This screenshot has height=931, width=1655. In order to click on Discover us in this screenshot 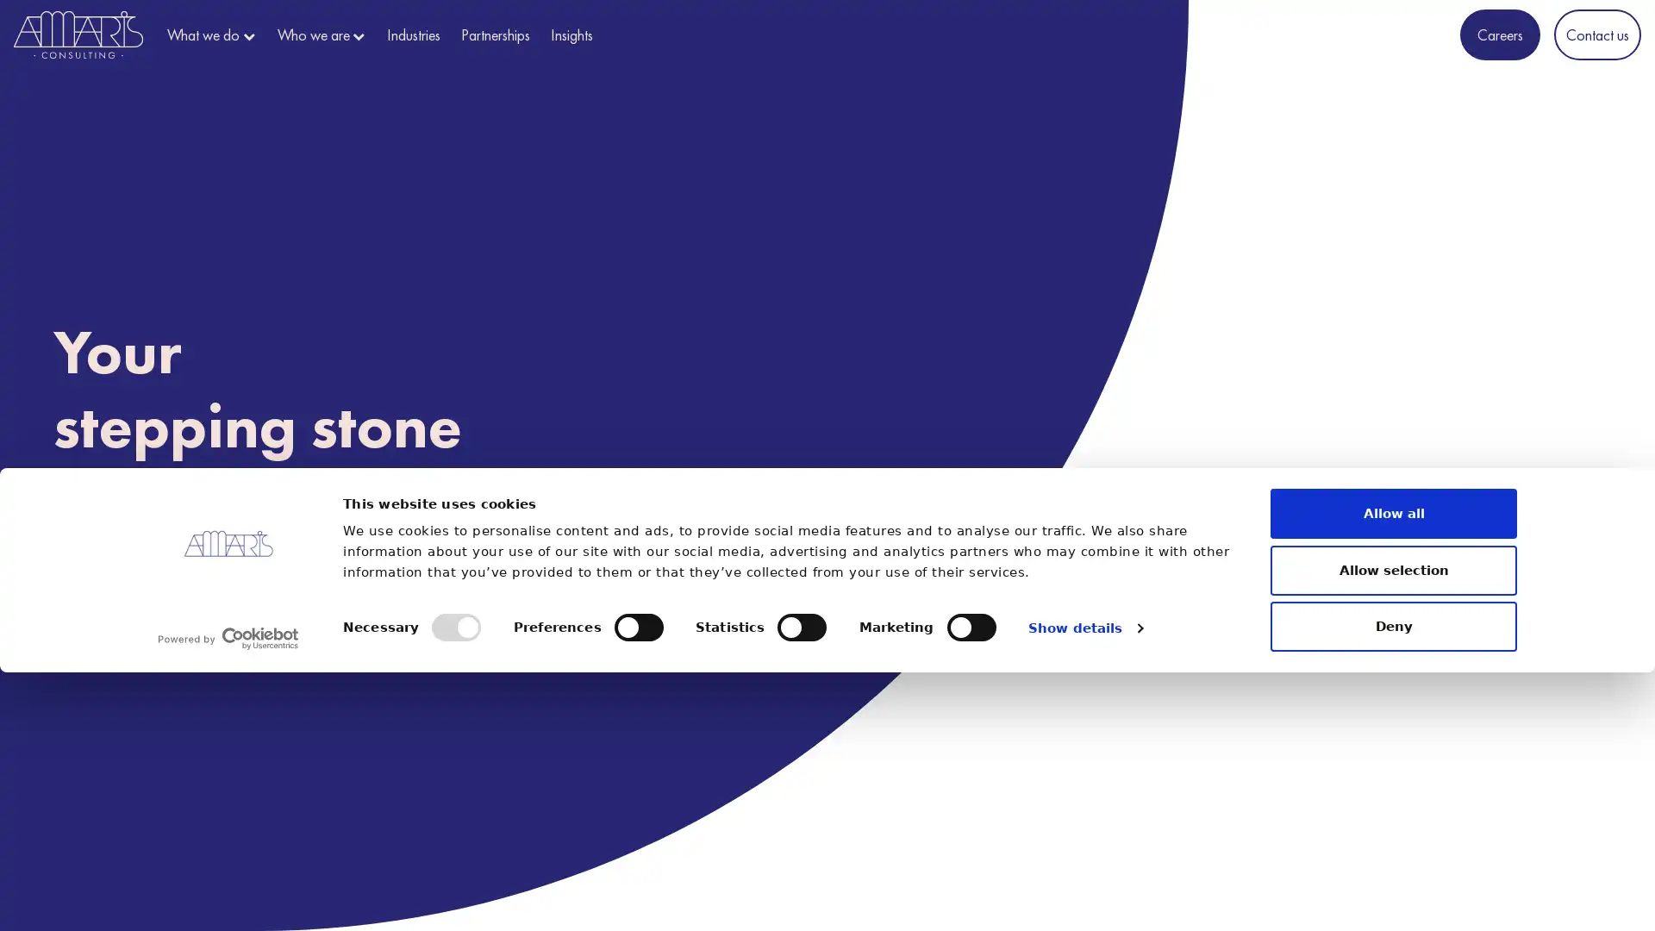, I will do `click(127, 582)`.